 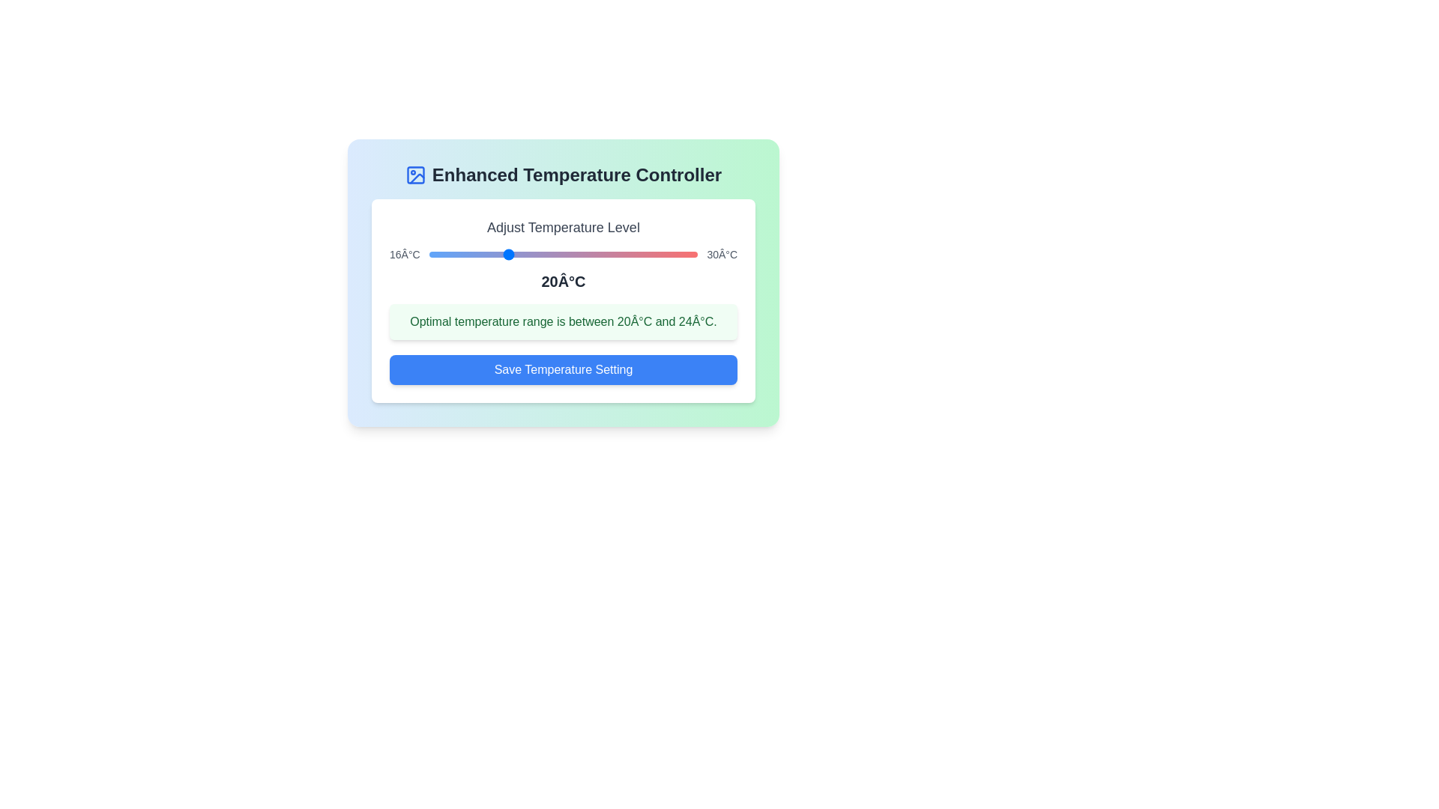 I want to click on the temperature to 20°C using the slider, so click(x=506, y=253).